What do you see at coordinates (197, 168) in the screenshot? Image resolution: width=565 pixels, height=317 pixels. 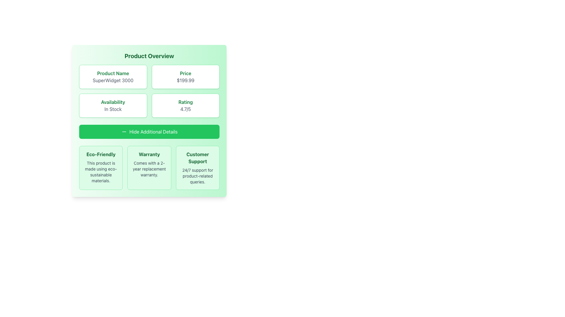 I see `the rectangular green banner titled 'Customer Support' located in the bottom-right corner of the 'Product Overview' section` at bounding box center [197, 168].